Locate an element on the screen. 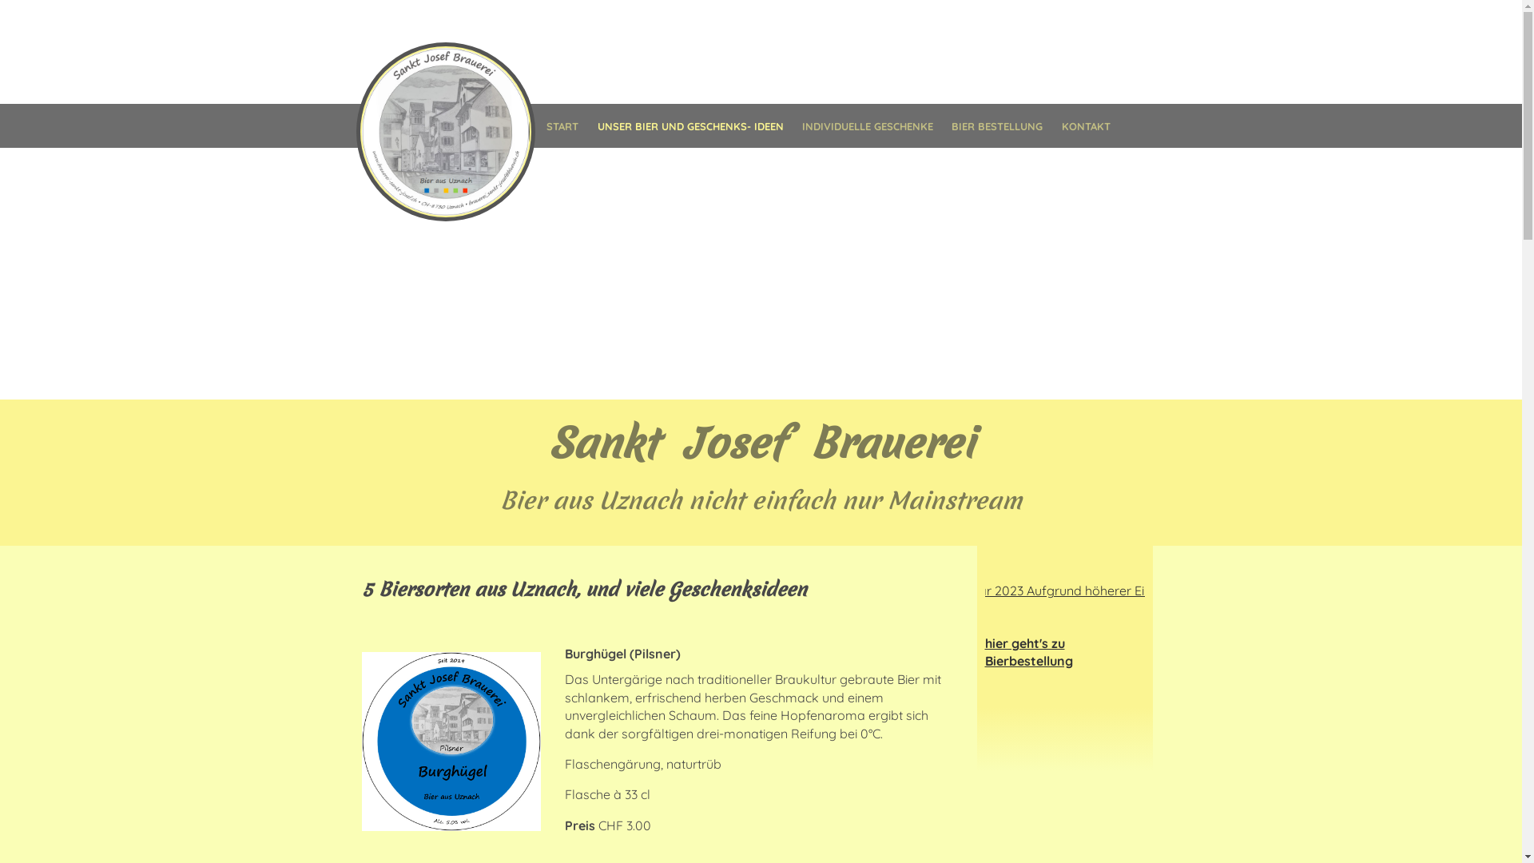 The image size is (1534, 863). 'BIER BESTELLUNG' is located at coordinates (996, 125).